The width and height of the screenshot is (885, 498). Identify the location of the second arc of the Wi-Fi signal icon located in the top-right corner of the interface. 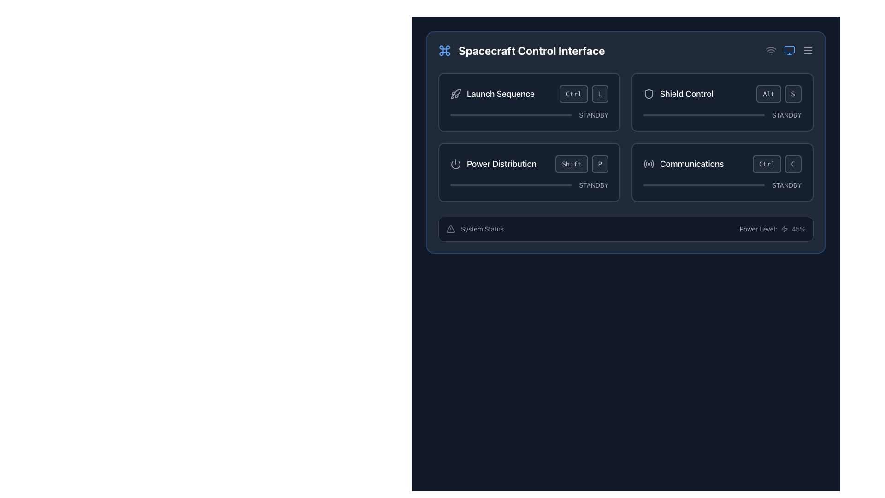
(771, 48).